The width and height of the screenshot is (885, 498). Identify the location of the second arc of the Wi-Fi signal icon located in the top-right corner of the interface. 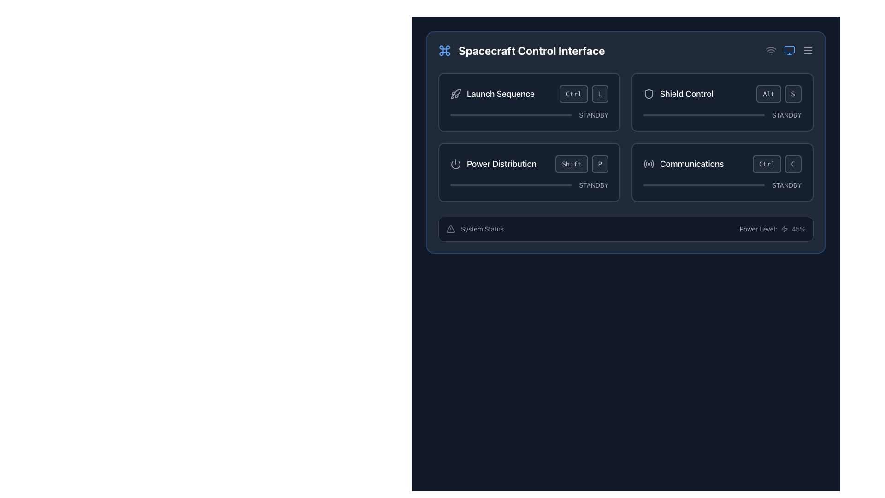
(771, 48).